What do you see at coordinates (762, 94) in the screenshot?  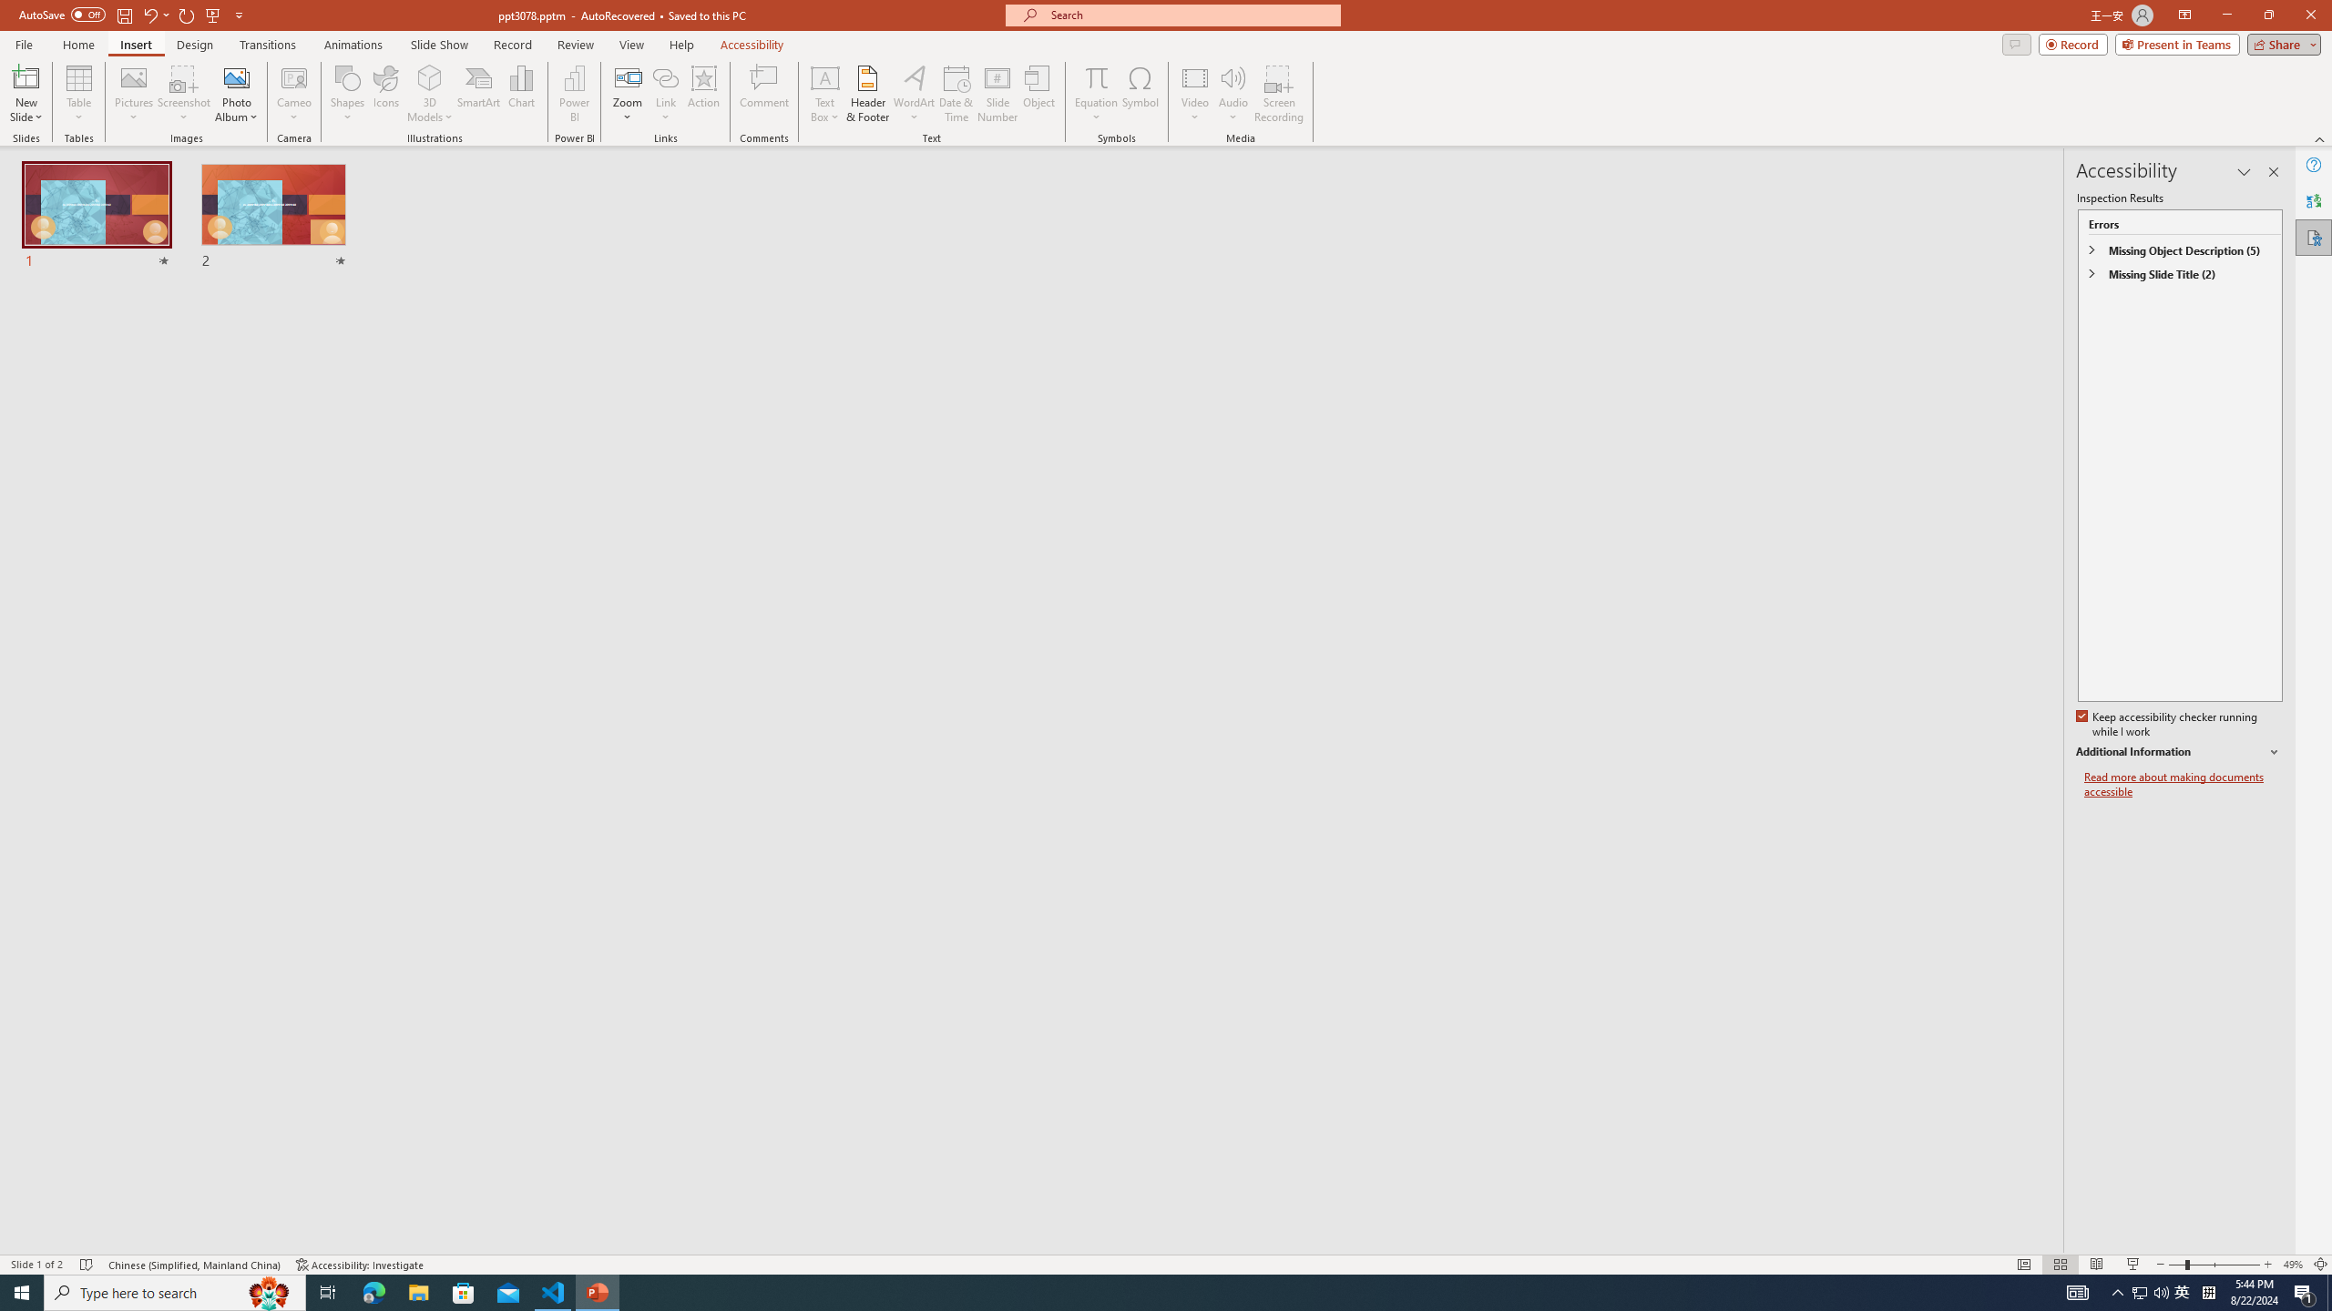 I see `'Comment'` at bounding box center [762, 94].